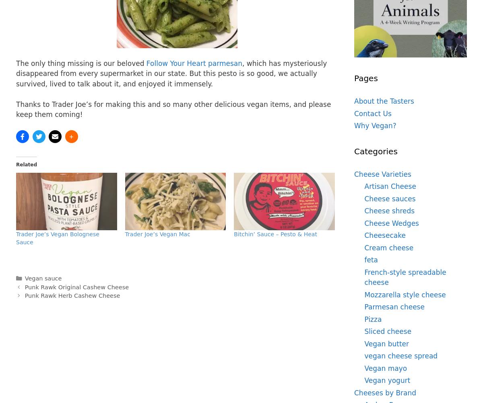 The image size is (483, 403). Describe the element at coordinates (405, 277) in the screenshot. I see `'French-style spreadable cheese'` at that location.